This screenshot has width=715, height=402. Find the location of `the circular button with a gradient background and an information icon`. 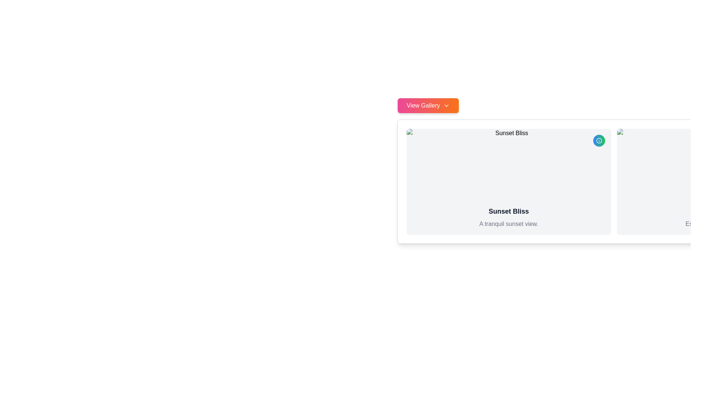

the circular button with a gradient background and an information icon is located at coordinates (599, 141).